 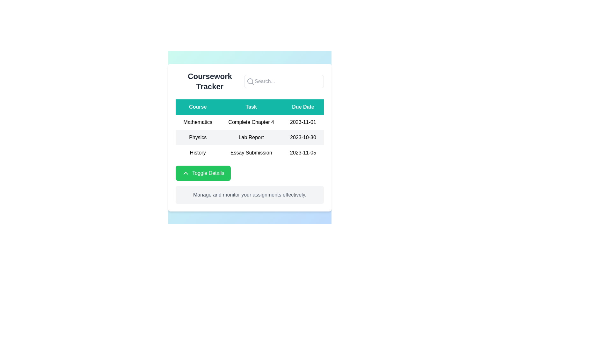 What do you see at coordinates (249, 106) in the screenshot?
I see `header row of the table containing the text 'Course', 'Task', and 'Due Date' with a teal background to understand its content layout` at bounding box center [249, 106].